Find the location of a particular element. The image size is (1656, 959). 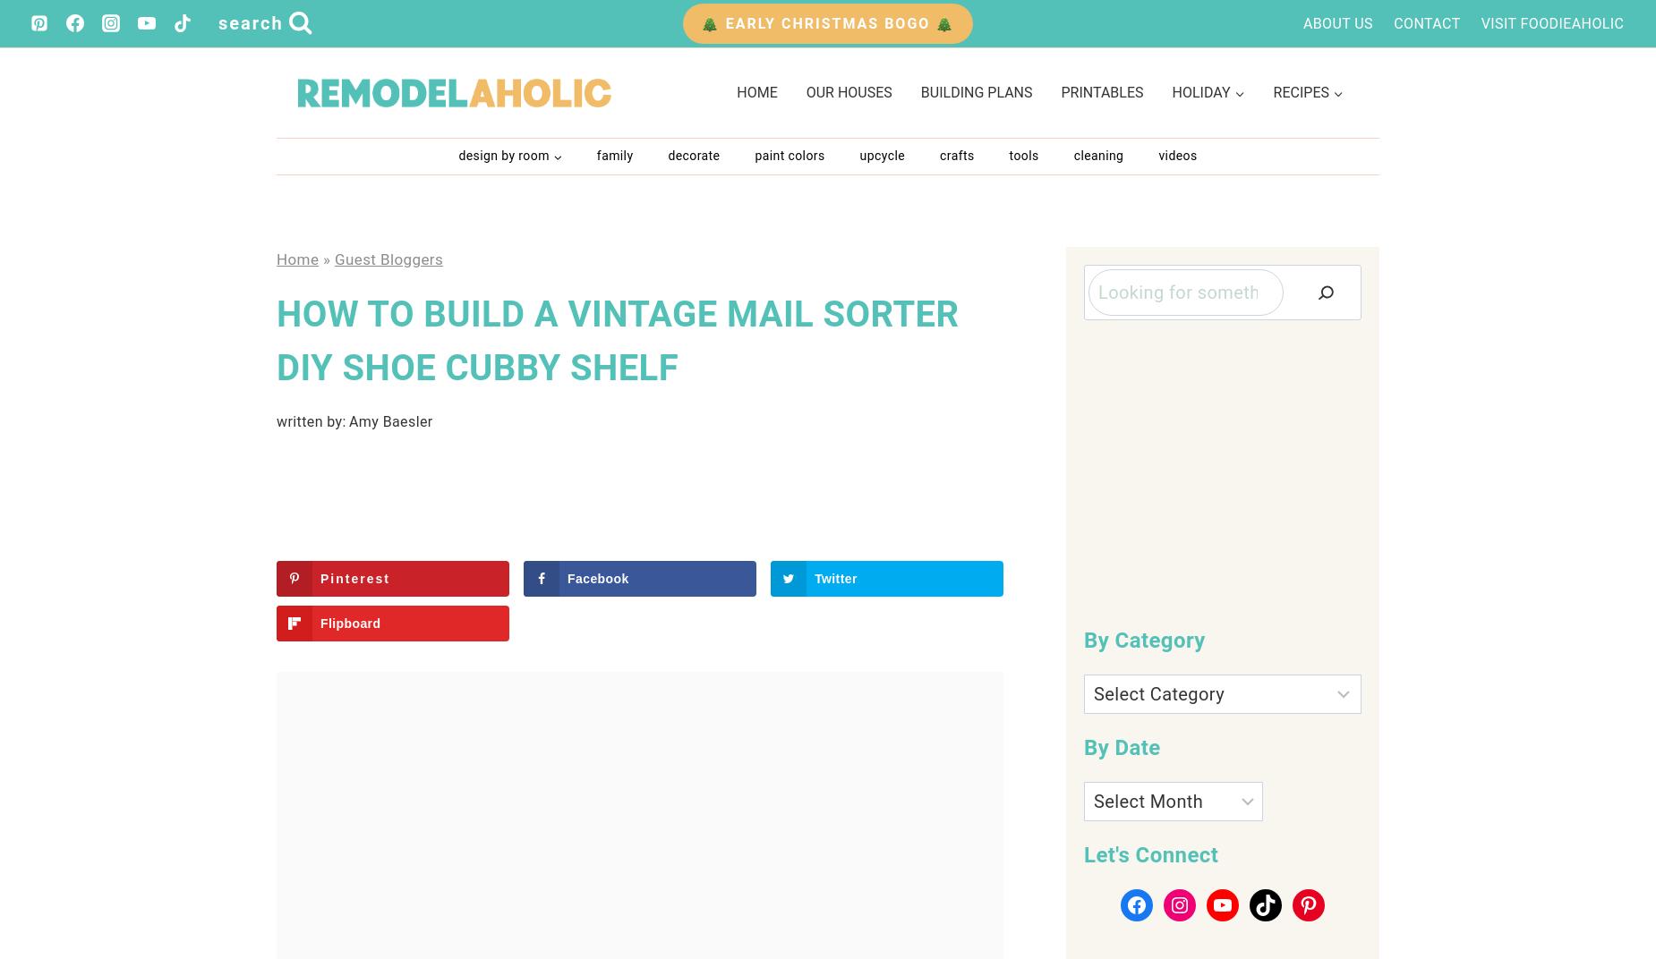

'Crafts' is located at coordinates (955, 154).